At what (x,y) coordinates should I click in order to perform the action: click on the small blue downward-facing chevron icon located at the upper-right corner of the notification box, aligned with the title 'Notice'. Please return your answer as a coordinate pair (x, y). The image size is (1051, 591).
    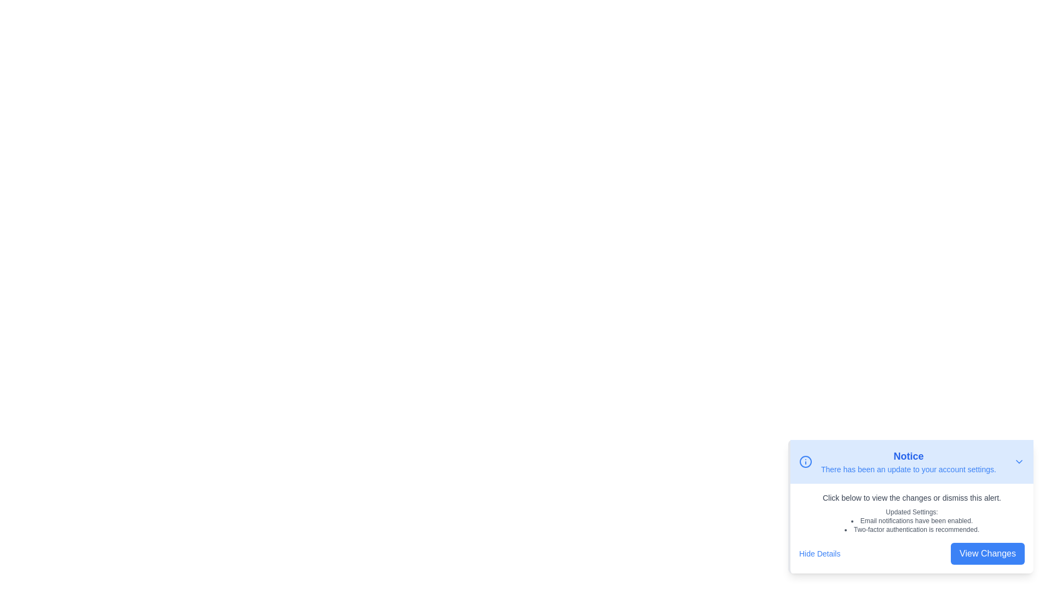
    Looking at the image, I should click on (1019, 462).